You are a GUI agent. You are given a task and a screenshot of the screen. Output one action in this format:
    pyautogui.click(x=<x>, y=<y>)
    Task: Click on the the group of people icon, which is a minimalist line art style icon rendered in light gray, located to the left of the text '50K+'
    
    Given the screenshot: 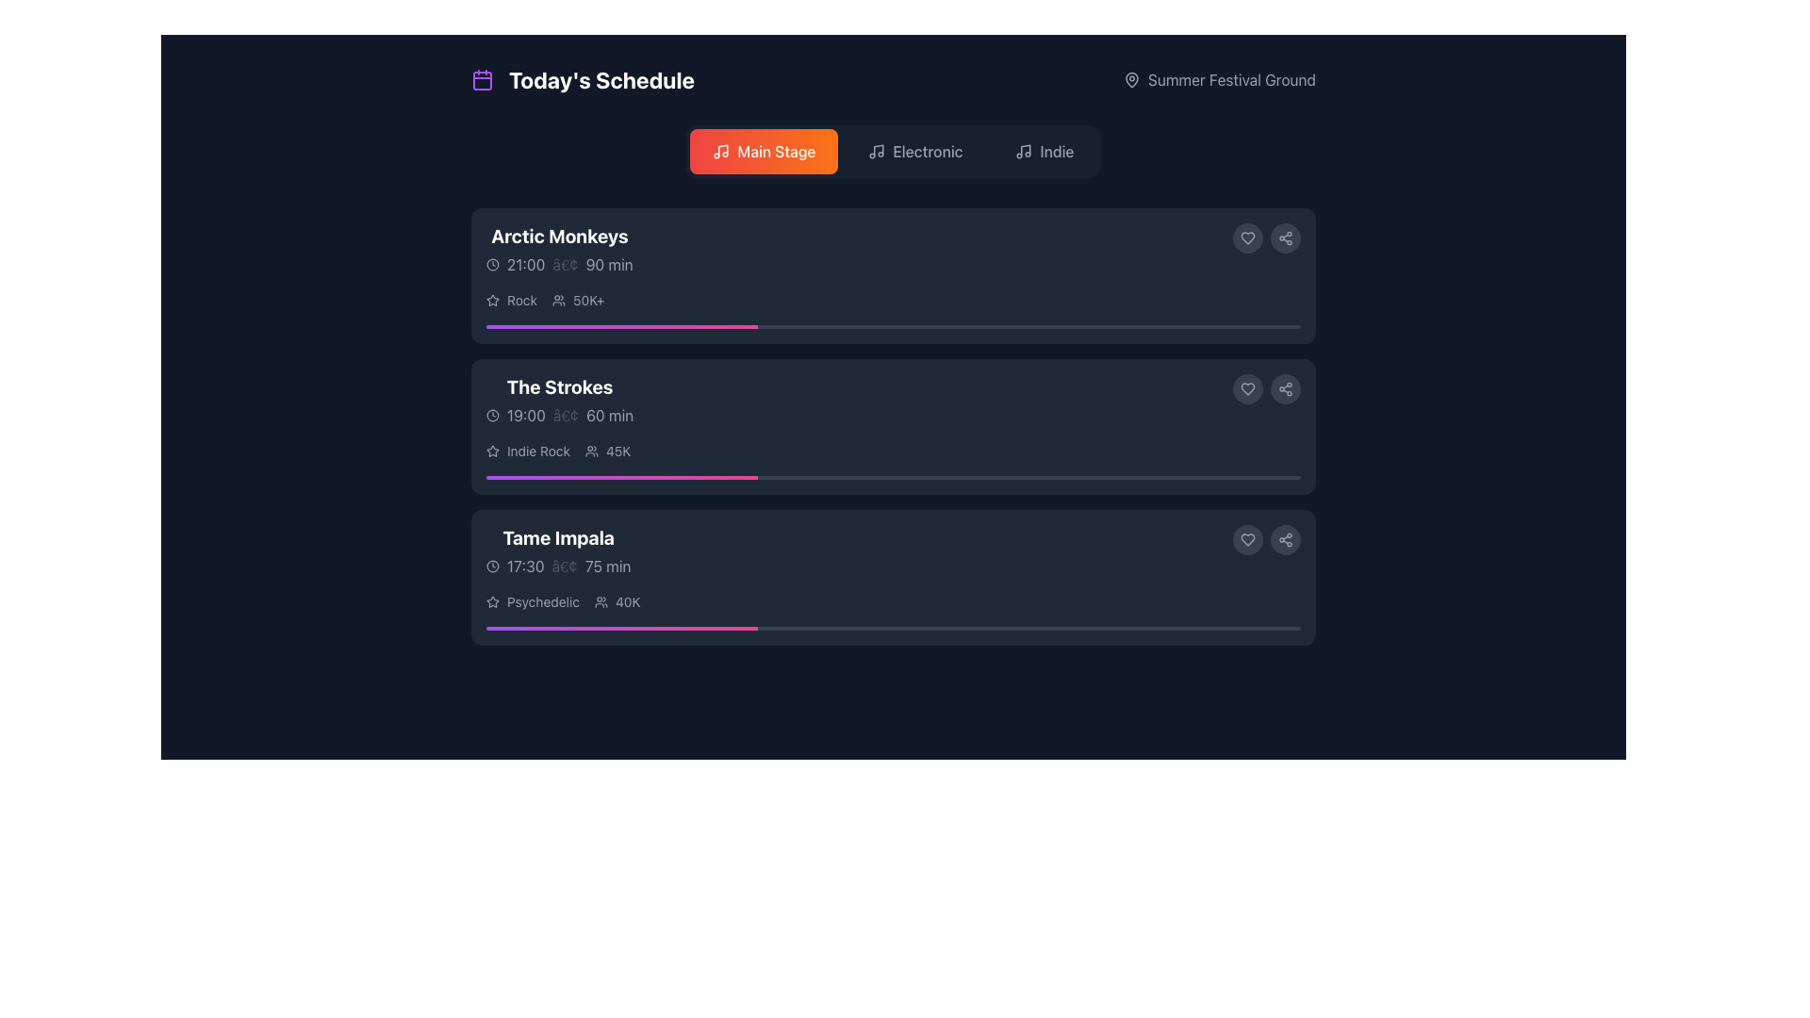 What is the action you would take?
    pyautogui.click(x=558, y=300)
    